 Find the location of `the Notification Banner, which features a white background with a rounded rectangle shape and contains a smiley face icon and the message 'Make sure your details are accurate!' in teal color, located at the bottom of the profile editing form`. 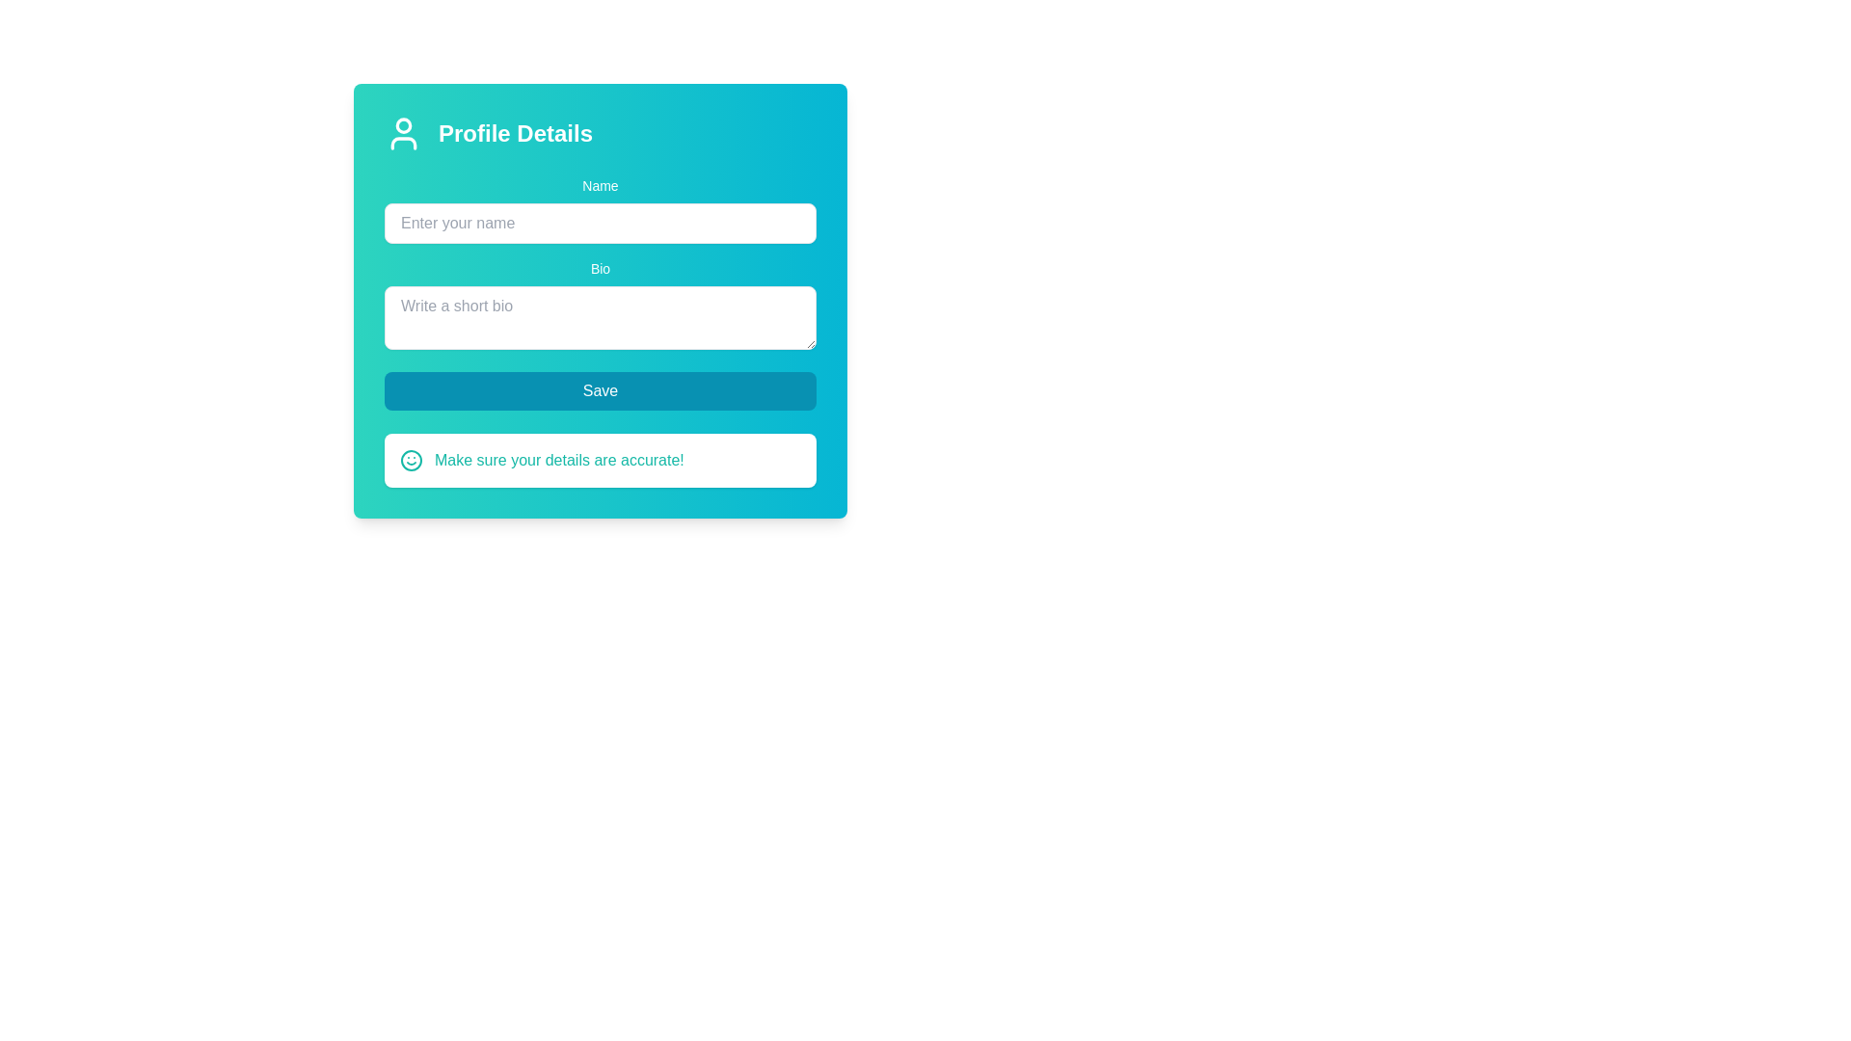

the Notification Banner, which features a white background with a rounded rectangle shape and contains a smiley face icon and the message 'Make sure your details are accurate!' in teal color, located at the bottom of the profile editing form is located at coordinates (600, 461).